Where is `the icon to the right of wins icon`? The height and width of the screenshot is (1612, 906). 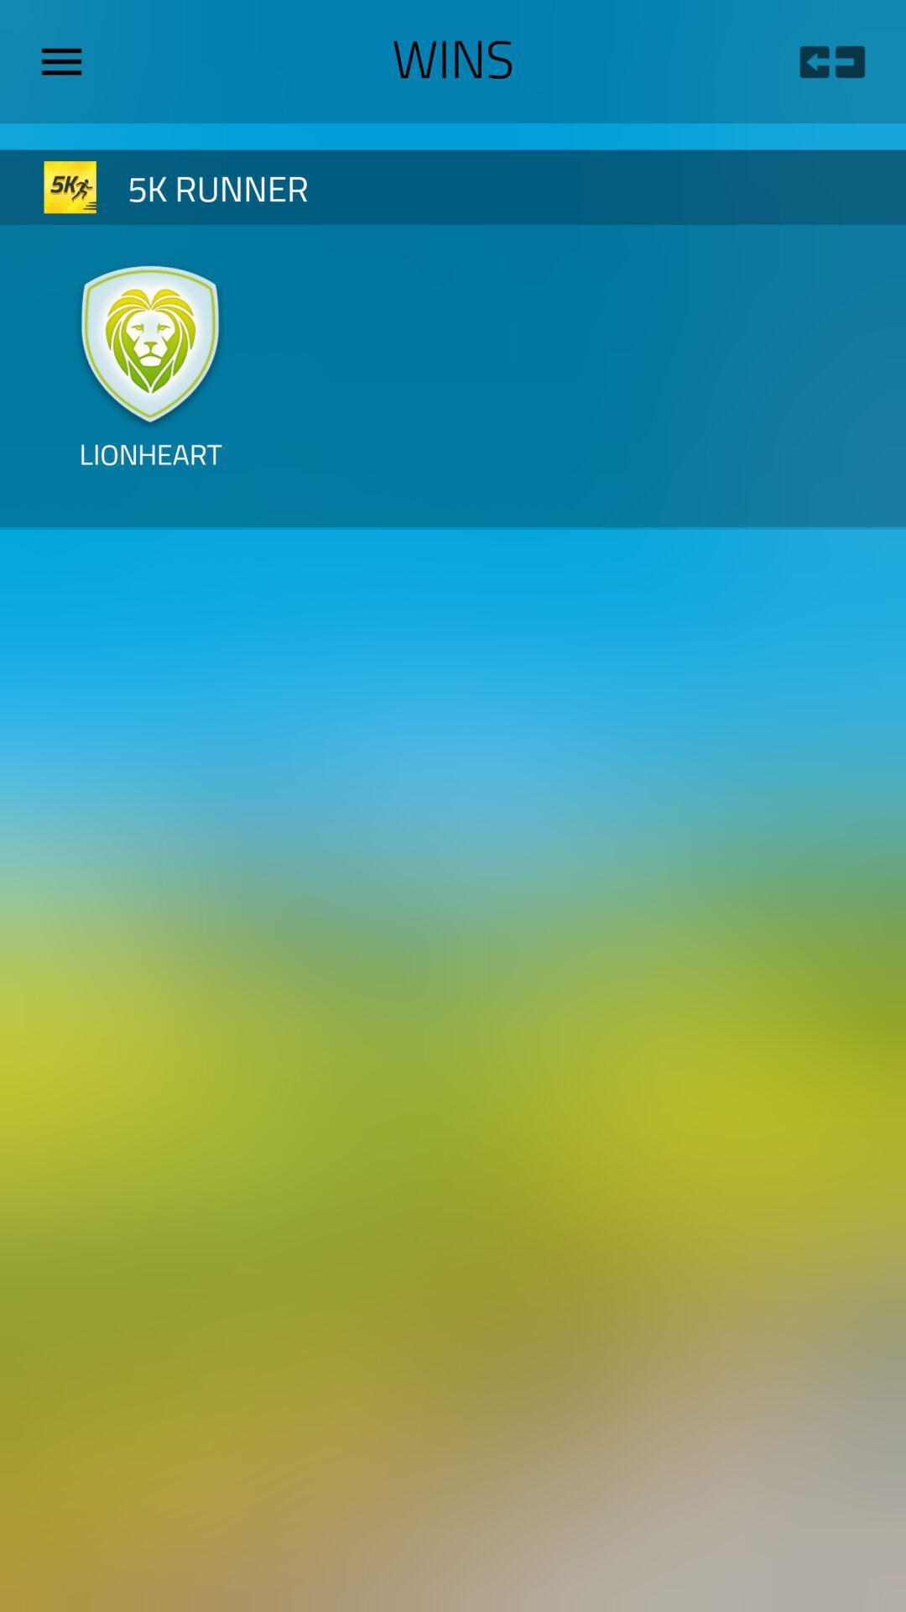 the icon to the right of wins icon is located at coordinates (831, 61).